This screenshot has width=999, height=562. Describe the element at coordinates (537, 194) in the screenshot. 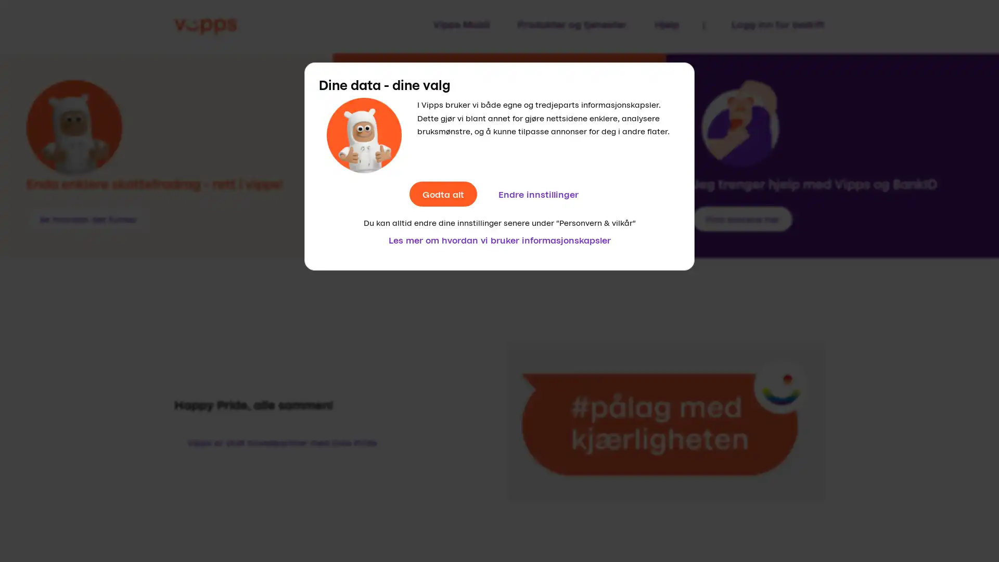

I see `Endre innstillinger` at that location.